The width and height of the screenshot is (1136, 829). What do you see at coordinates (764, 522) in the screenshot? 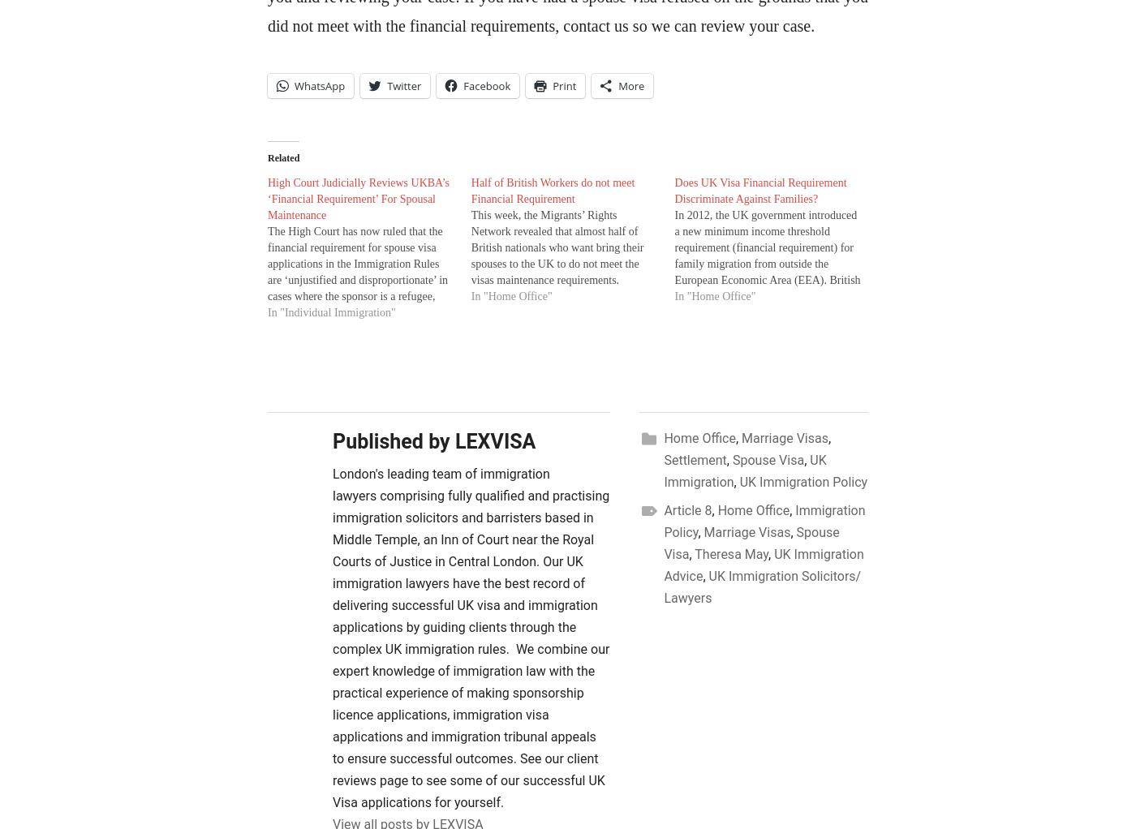
I see `'Immigration Policy'` at bounding box center [764, 522].